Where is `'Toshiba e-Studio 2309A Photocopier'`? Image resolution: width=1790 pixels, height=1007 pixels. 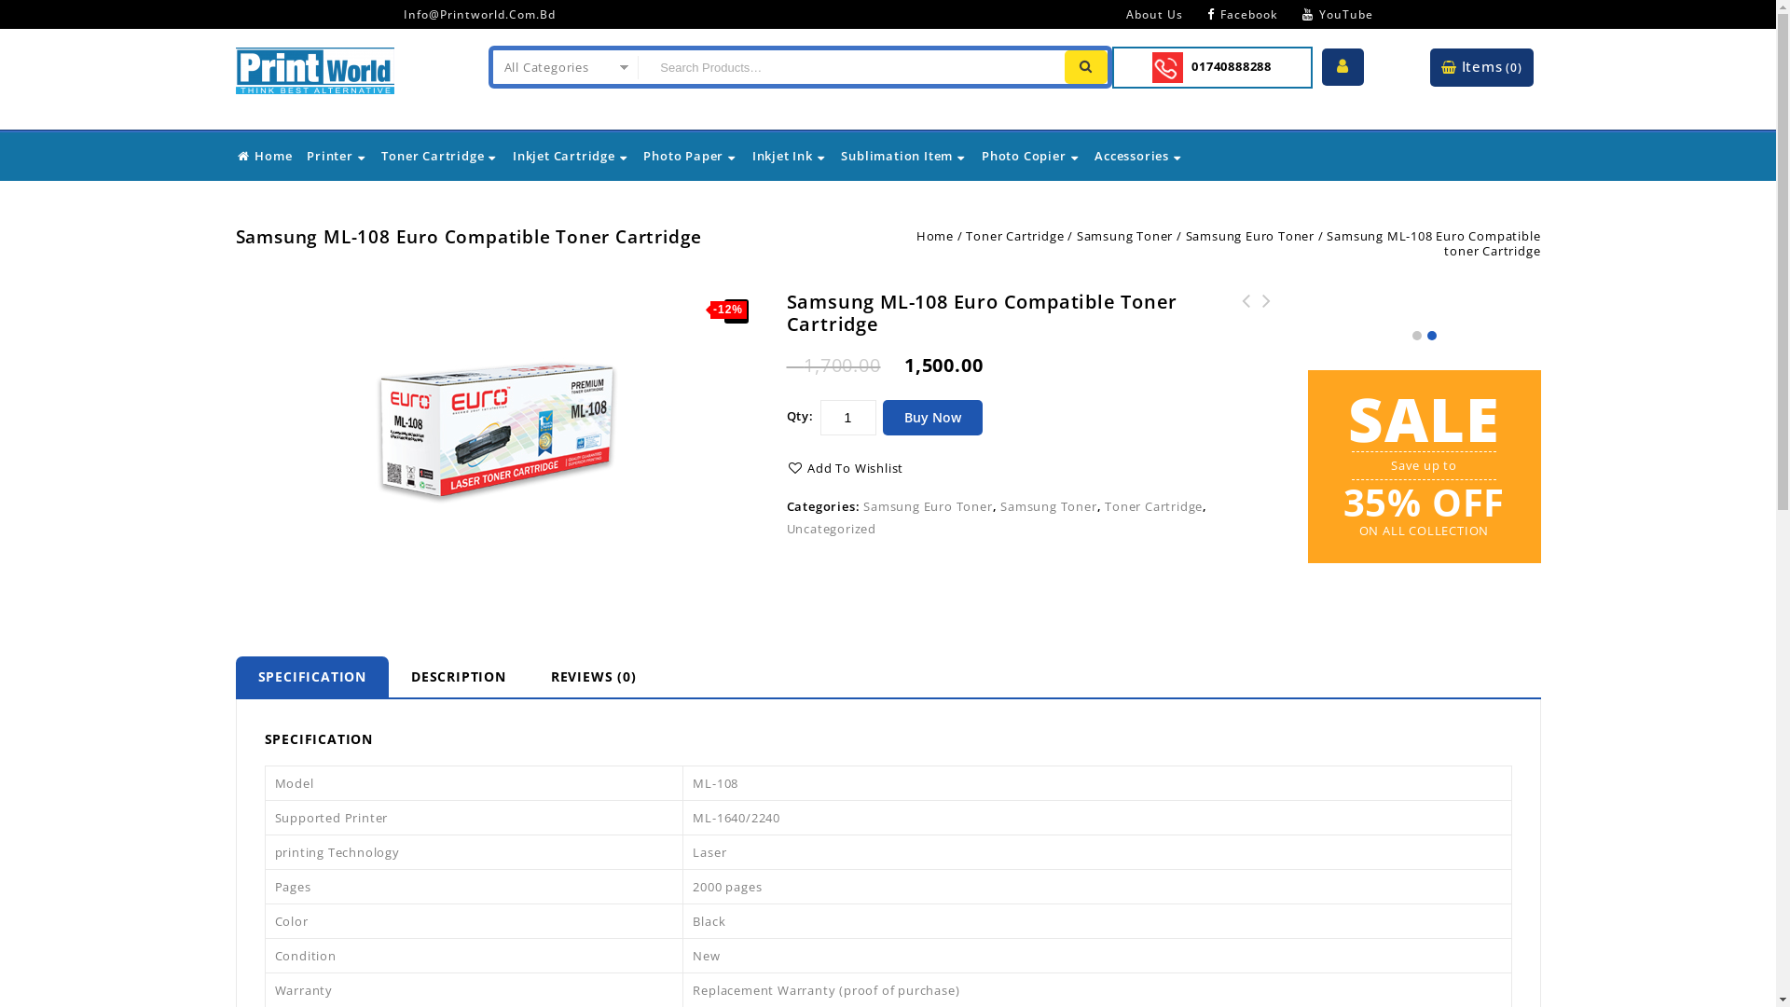
'Toshiba e-Studio 2309A Photocopier' is located at coordinates (1266, 322).